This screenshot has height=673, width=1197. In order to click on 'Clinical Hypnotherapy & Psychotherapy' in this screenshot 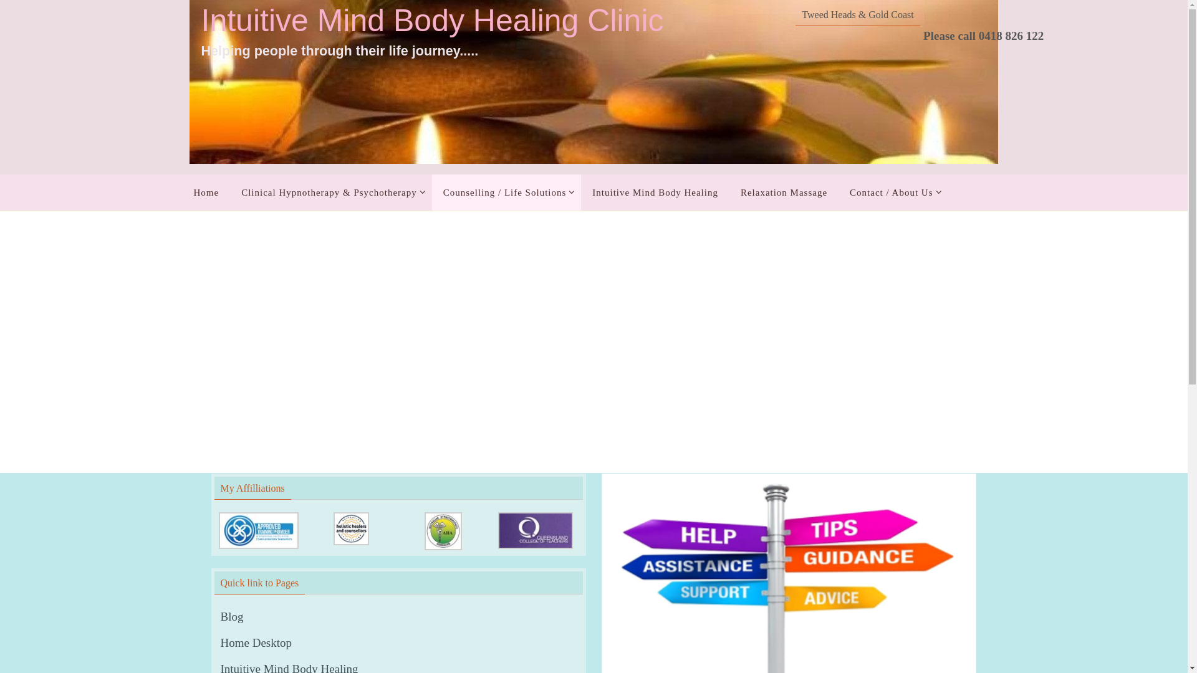, I will do `click(331, 192)`.